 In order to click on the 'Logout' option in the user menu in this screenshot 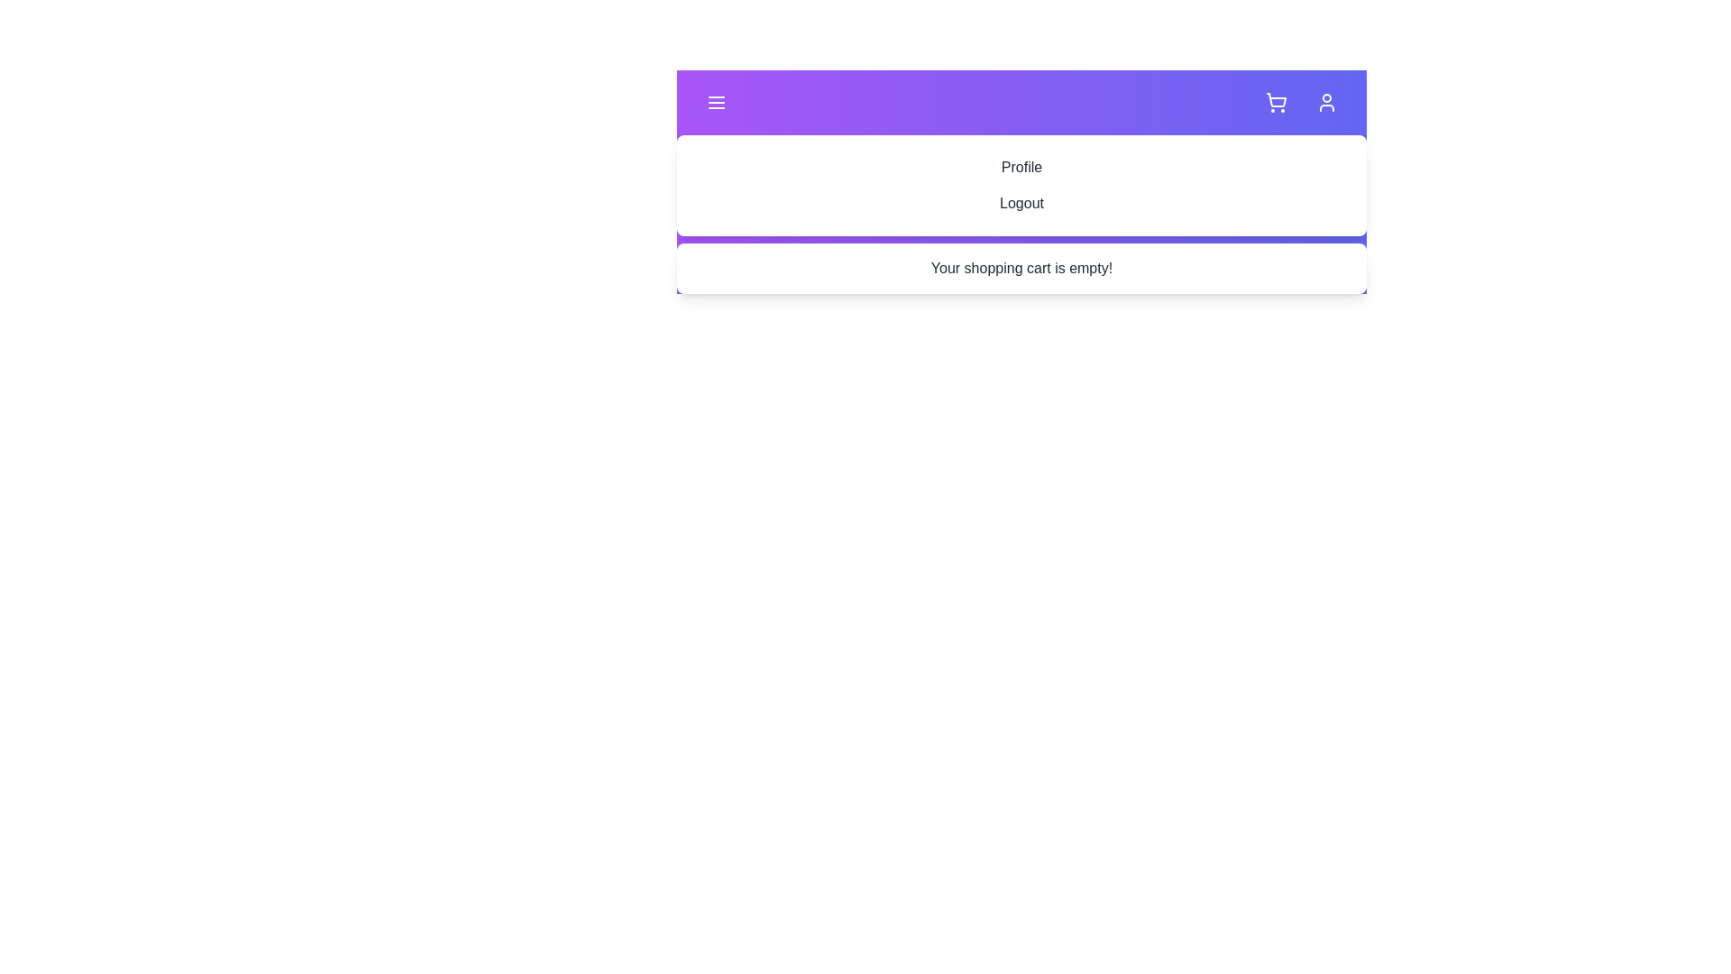, I will do `click(1021, 203)`.